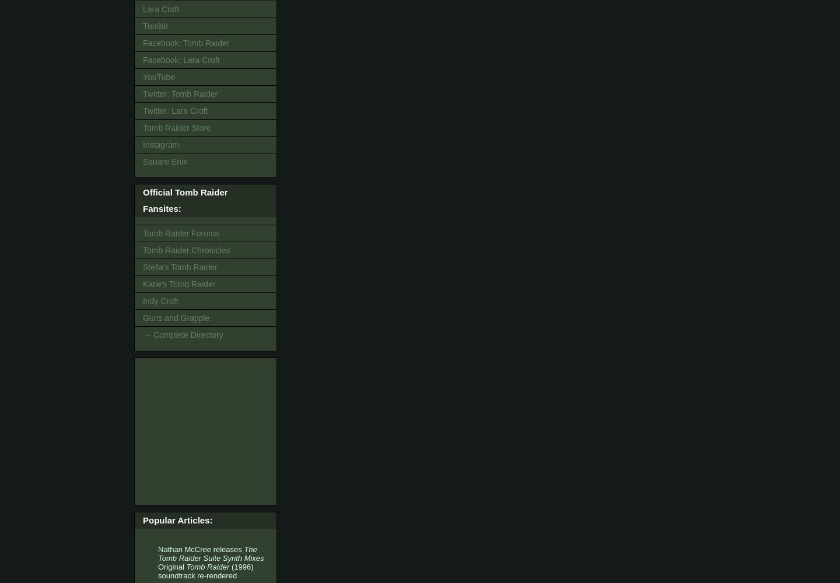  Describe the element at coordinates (160, 300) in the screenshot. I see `'Indy Croft'` at that location.